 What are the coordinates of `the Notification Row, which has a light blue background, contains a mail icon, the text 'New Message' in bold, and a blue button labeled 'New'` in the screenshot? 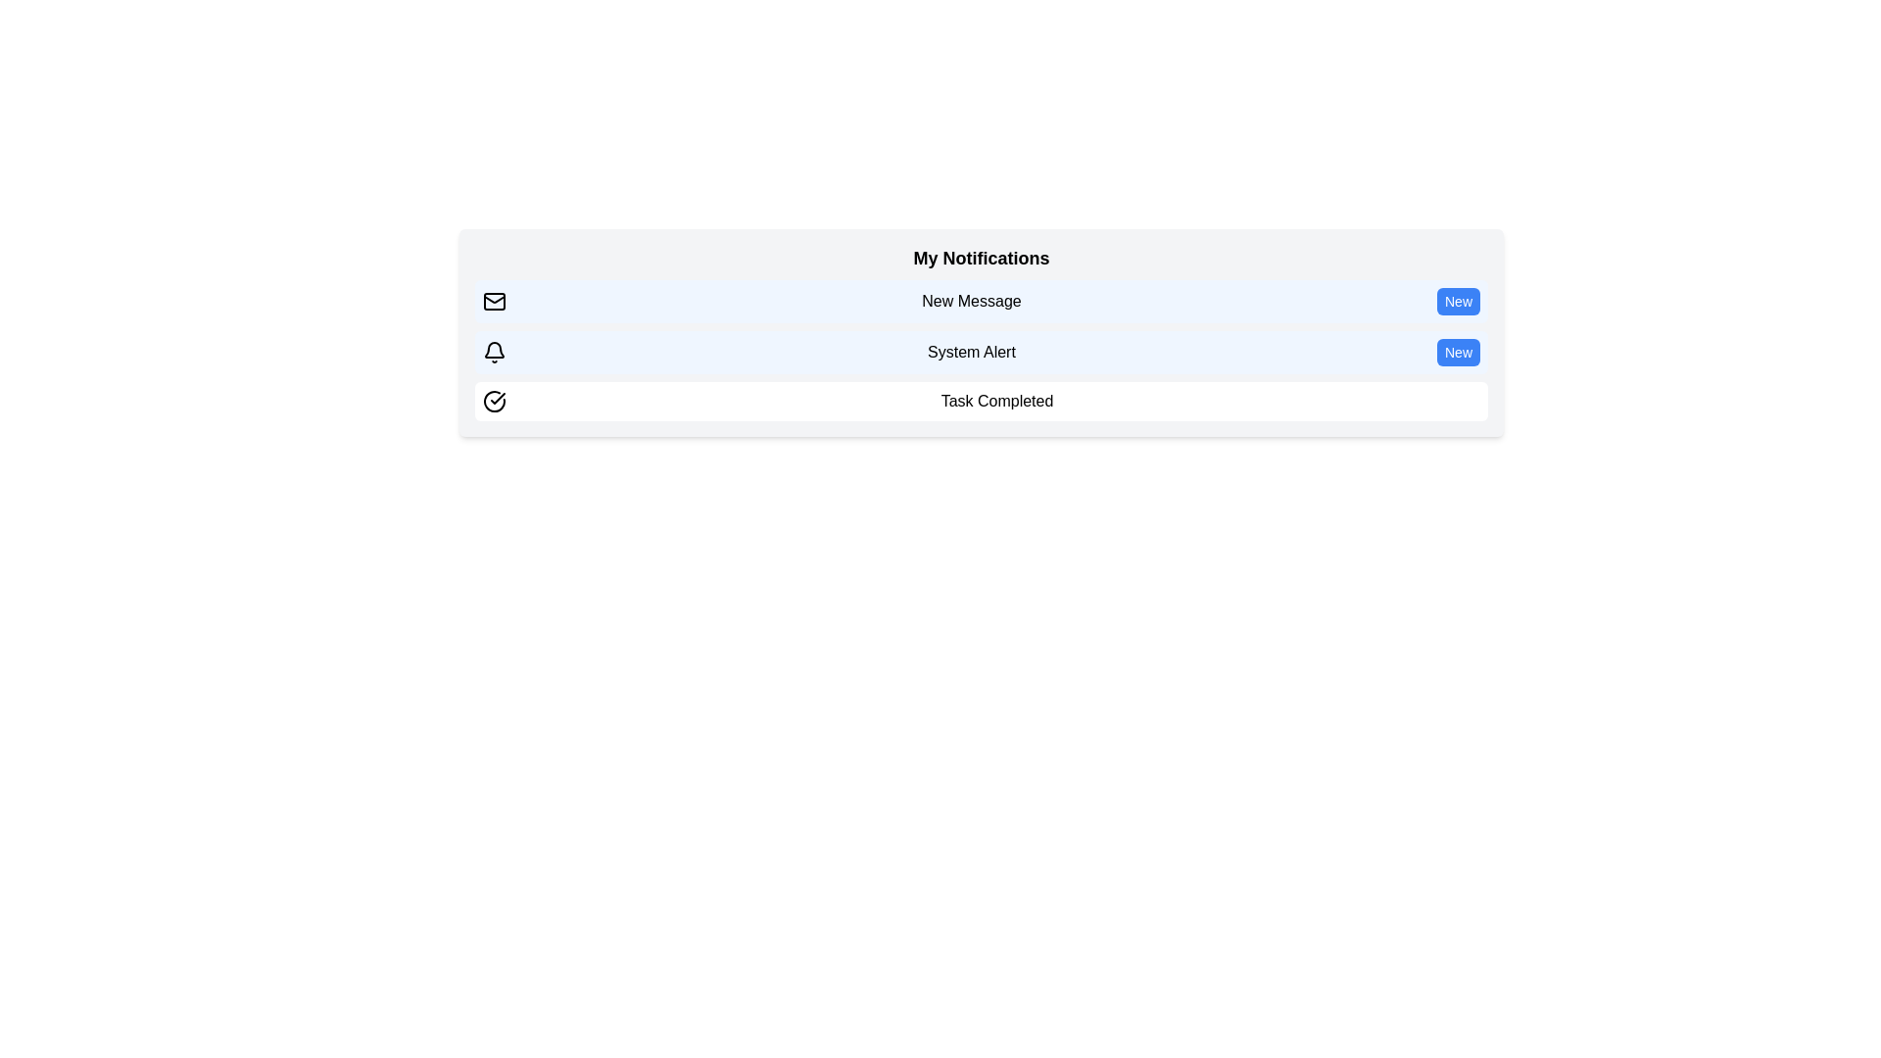 It's located at (982, 302).